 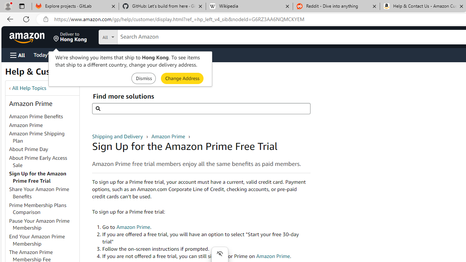 I want to click on 'Deliver to Hong Kong', so click(x=70, y=37).